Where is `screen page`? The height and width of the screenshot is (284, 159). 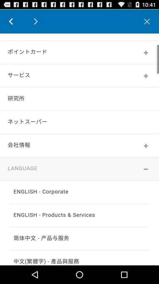
screen page is located at coordinates (79, 149).